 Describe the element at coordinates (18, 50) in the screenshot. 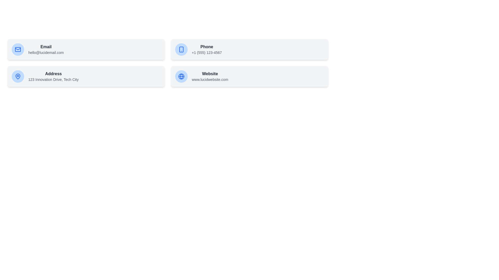

I see `the SVG element representing the email icon, which is located to the left of the 'Email' label and the email address text, to interact with it` at that location.